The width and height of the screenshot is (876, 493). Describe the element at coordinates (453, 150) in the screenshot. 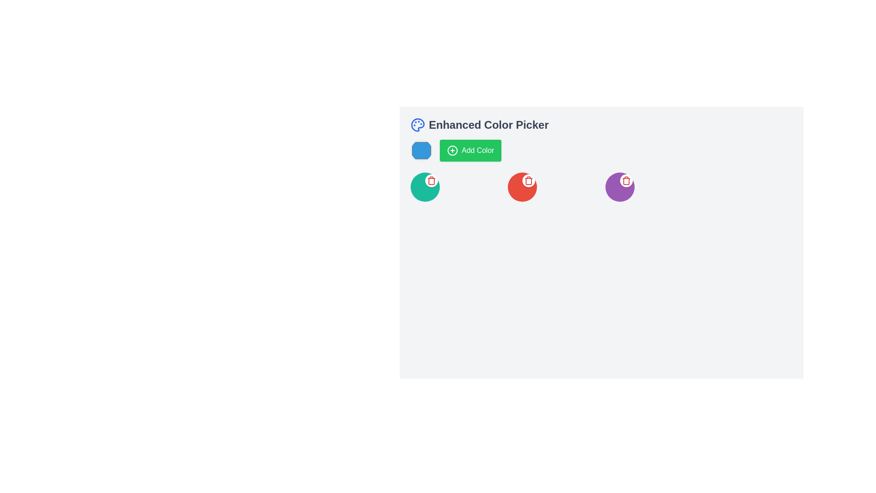

I see `the 'Add Color' icon located to the left of the text label, positioned below the title 'Enhanced Color Picker' and to the right of the blue hexagonal color preview` at that location.